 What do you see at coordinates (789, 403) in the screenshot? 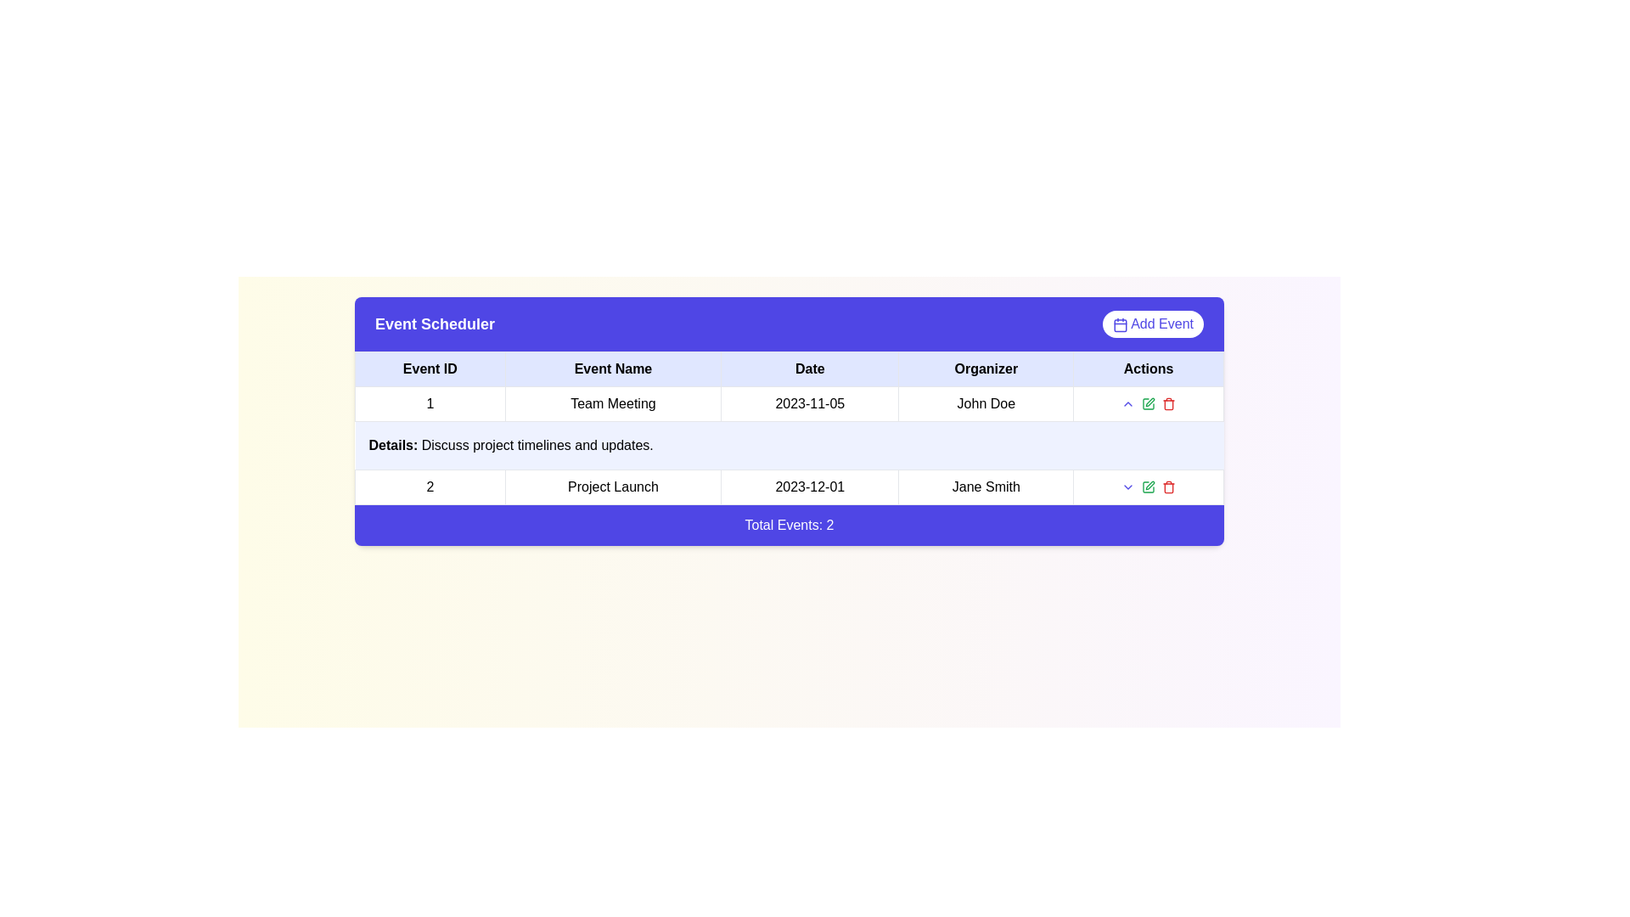
I see `the first row of the table in the 'Event Scheduler' section that displays details like ID ('1'), event name ('Team Meeting'), date ('2023-11-05'), and organizer ('John Doe')` at bounding box center [789, 403].